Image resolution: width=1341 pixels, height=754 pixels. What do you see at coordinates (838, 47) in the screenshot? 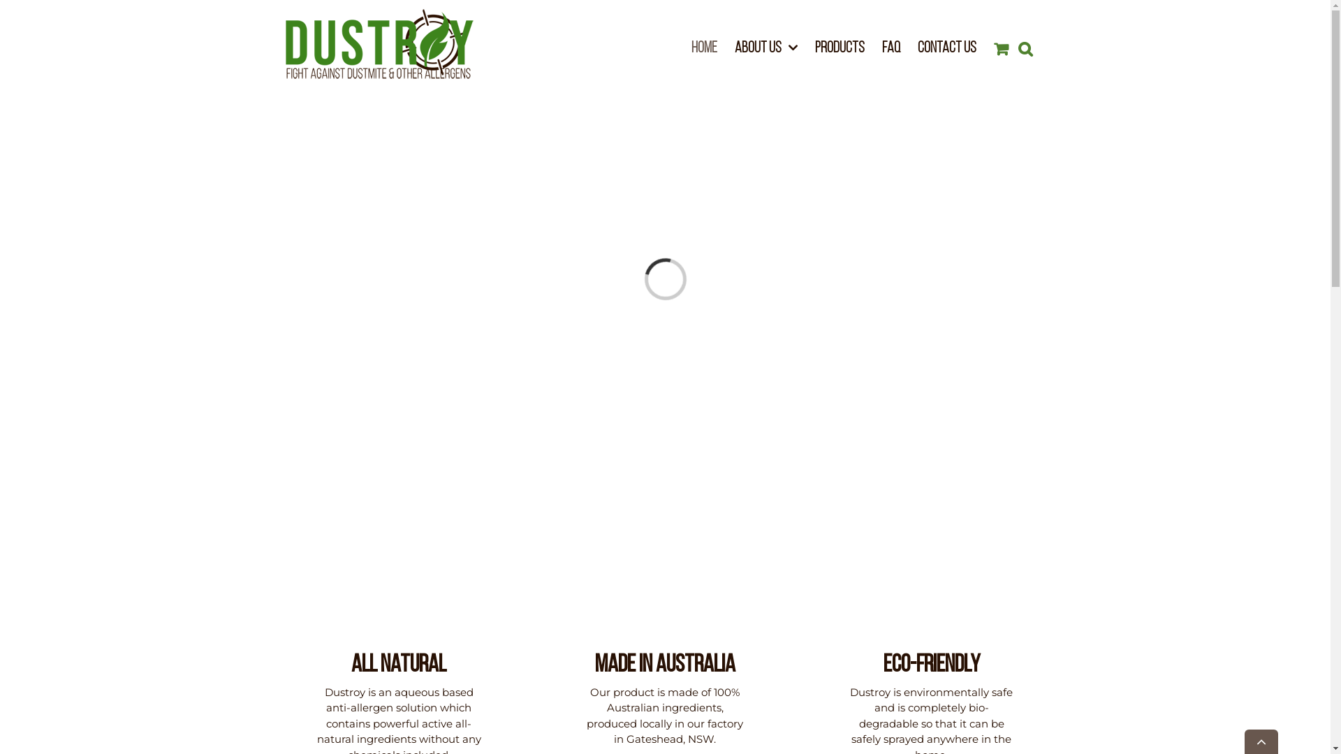
I see `'PRODUCTS'` at bounding box center [838, 47].